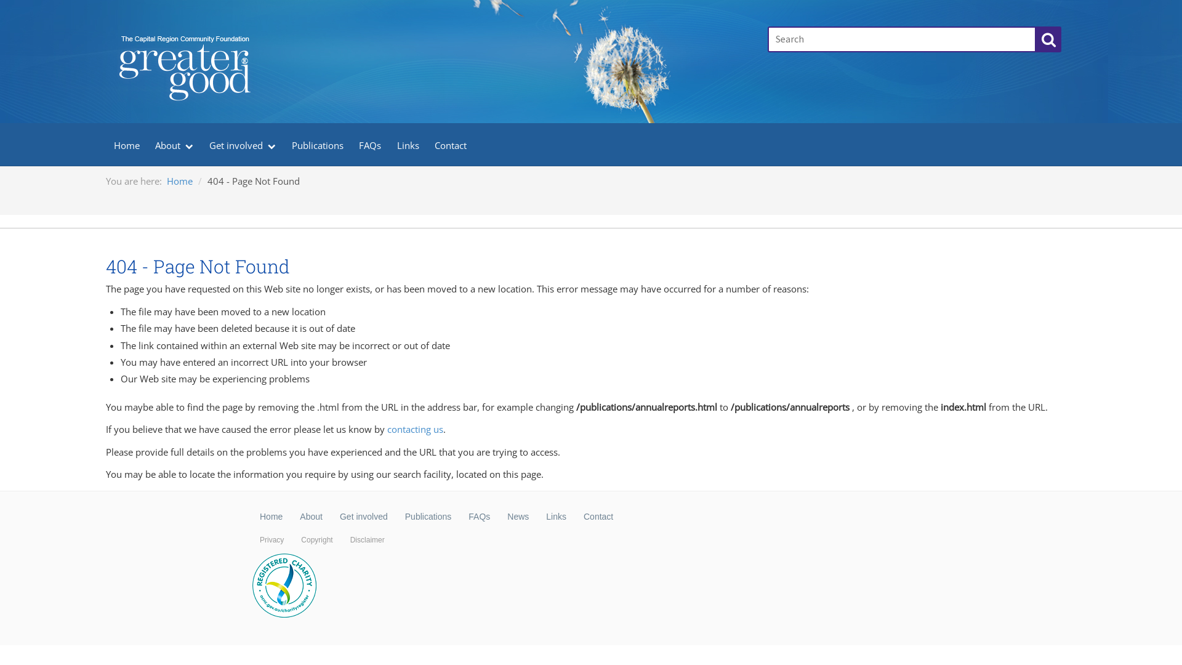 This screenshot has height=665, width=1182. What do you see at coordinates (363, 517) in the screenshot?
I see `'Get involved'` at bounding box center [363, 517].